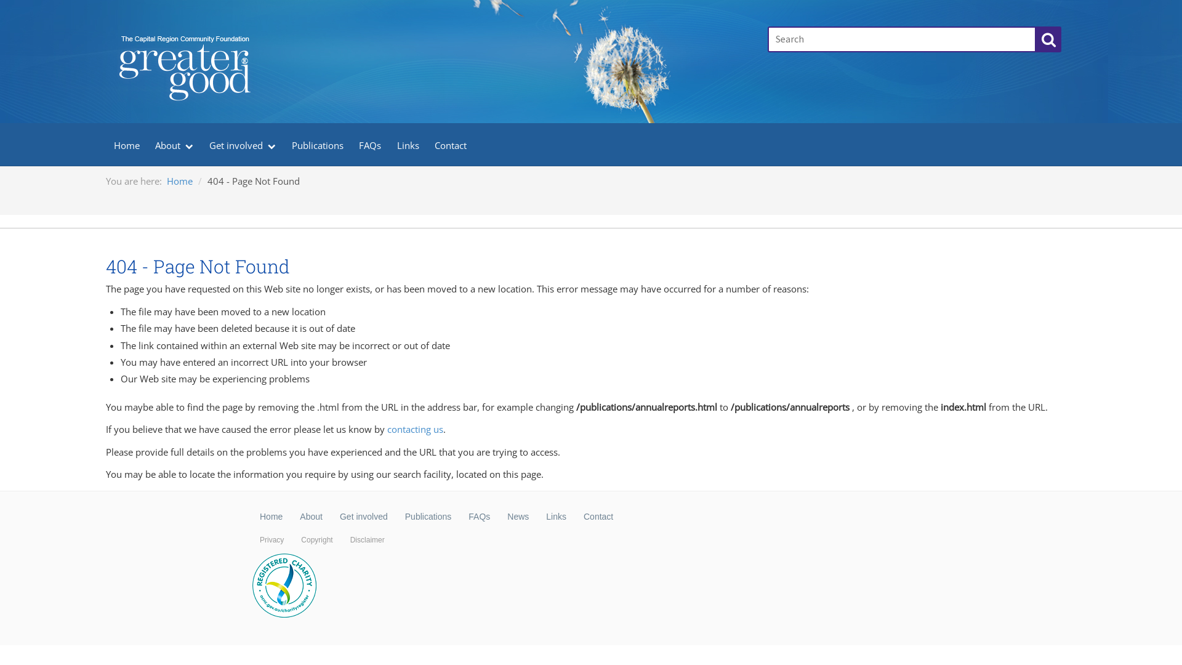 This screenshot has height=665, width=1182. What do you see at coordinates (363, 517) in the screenshot?
I see `'Get involved'` at bounding box center [363, 517].